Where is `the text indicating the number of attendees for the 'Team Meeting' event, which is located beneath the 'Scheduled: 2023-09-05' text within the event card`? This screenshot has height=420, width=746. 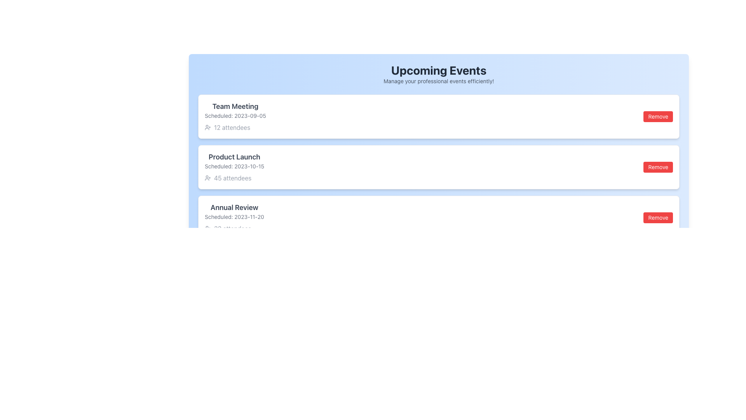 the text indicating the number of attendees for the 'Team Meeting' event, which is located beneath the 'Scheduled: 2023-09-05' text within the event card is located at coordinates (235, 127).